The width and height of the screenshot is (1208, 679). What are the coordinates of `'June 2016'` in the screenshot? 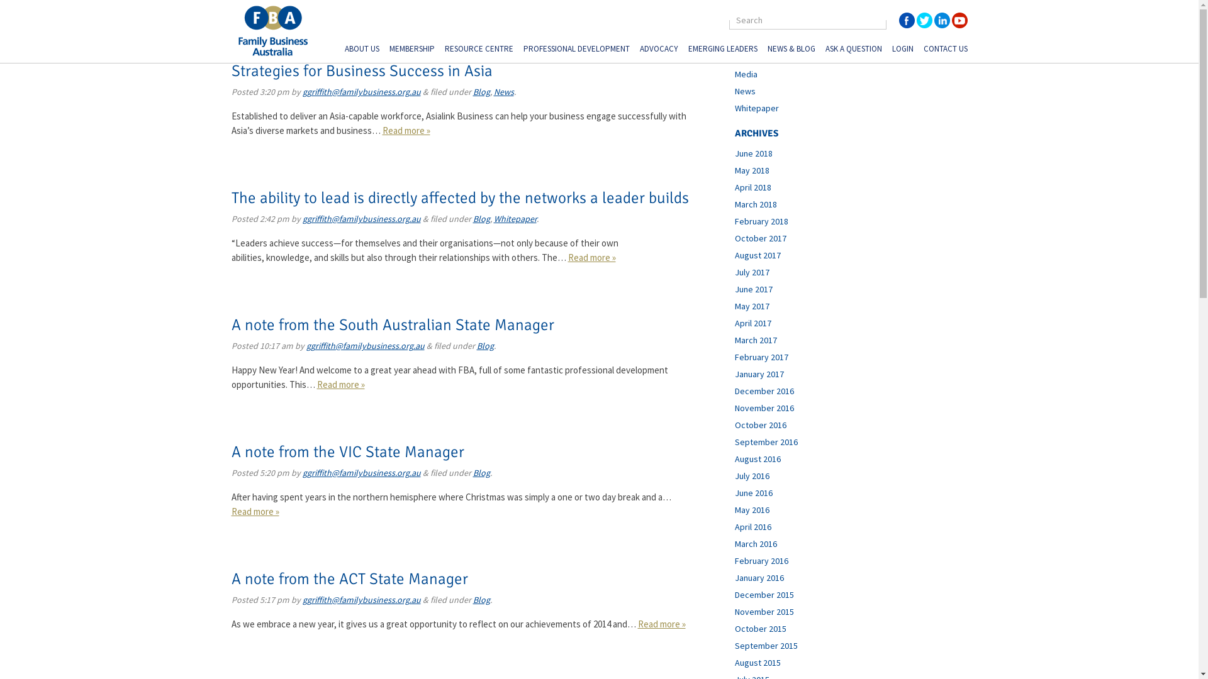 It's located at (754, 492).